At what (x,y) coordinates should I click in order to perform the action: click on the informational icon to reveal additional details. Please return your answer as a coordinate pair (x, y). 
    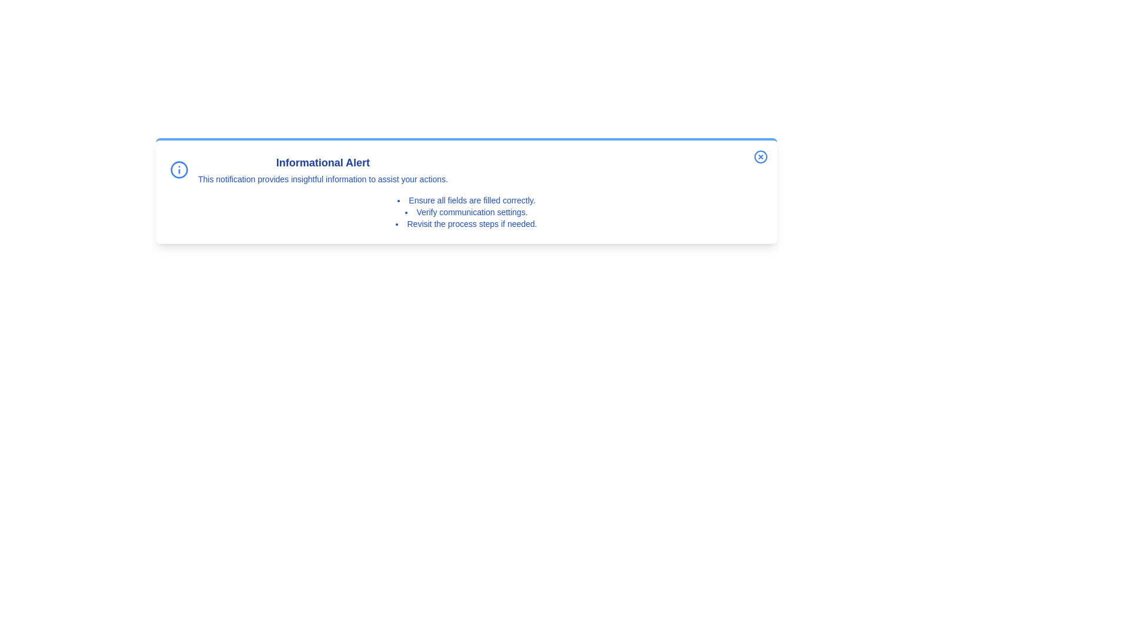
    Looking at the image, I should click on (179, 170).